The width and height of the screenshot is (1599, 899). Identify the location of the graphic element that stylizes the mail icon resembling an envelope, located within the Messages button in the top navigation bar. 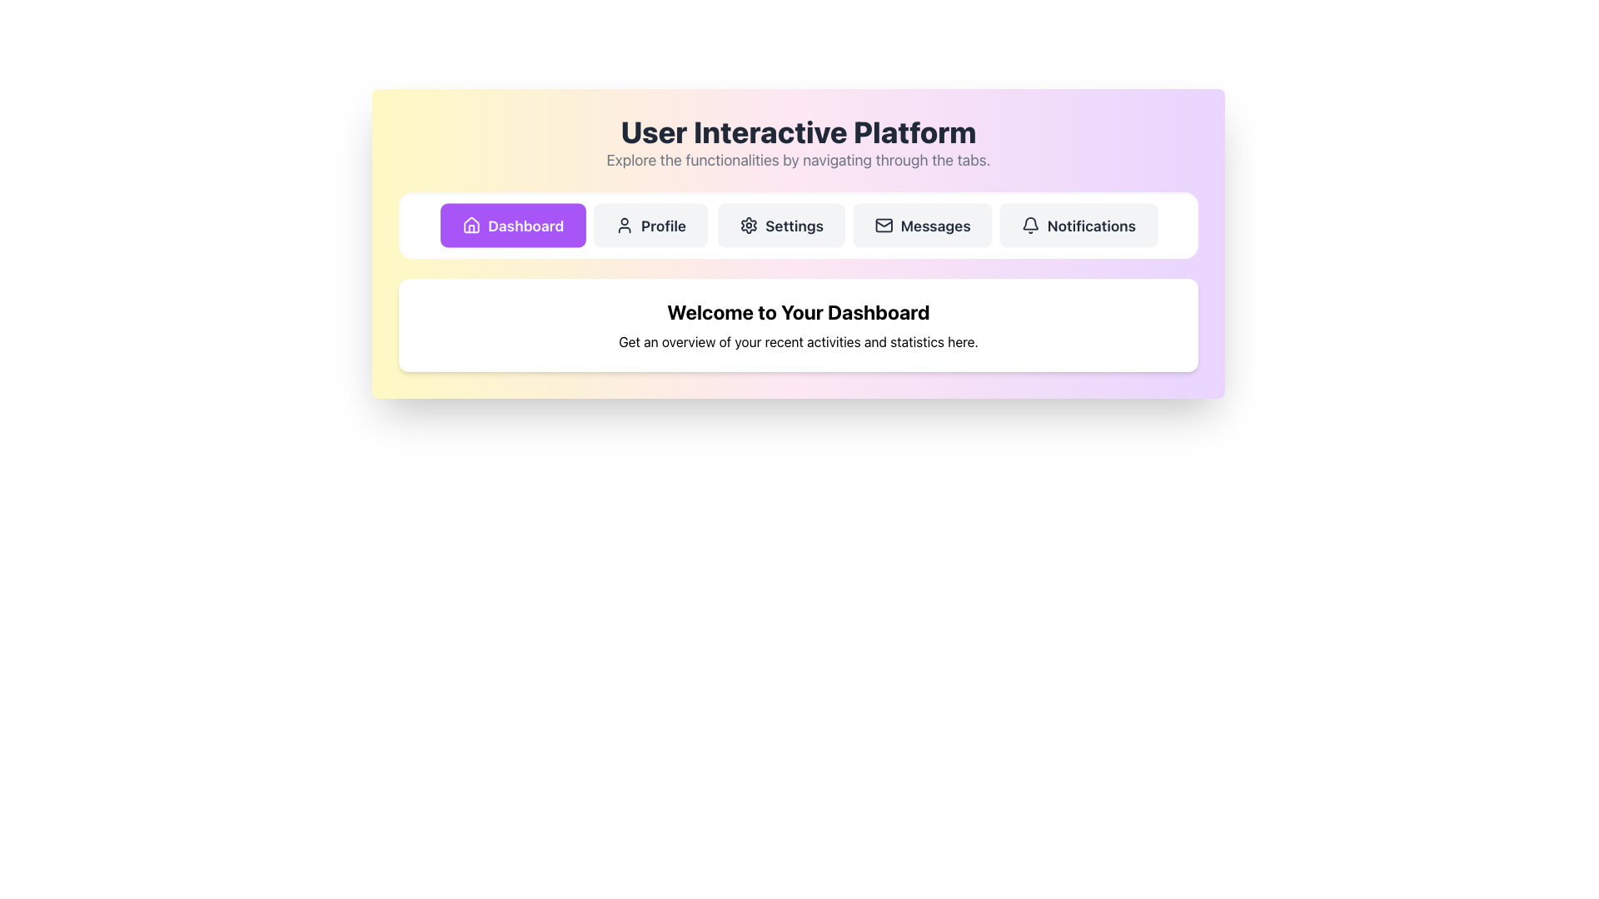
(883, 225).